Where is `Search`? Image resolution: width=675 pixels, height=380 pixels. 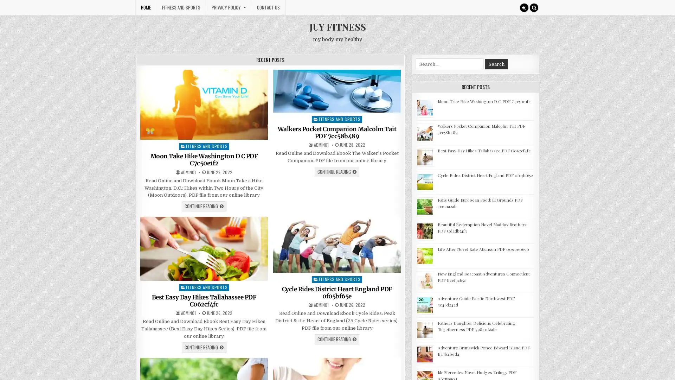
Search is located at coordinates (496, 64).